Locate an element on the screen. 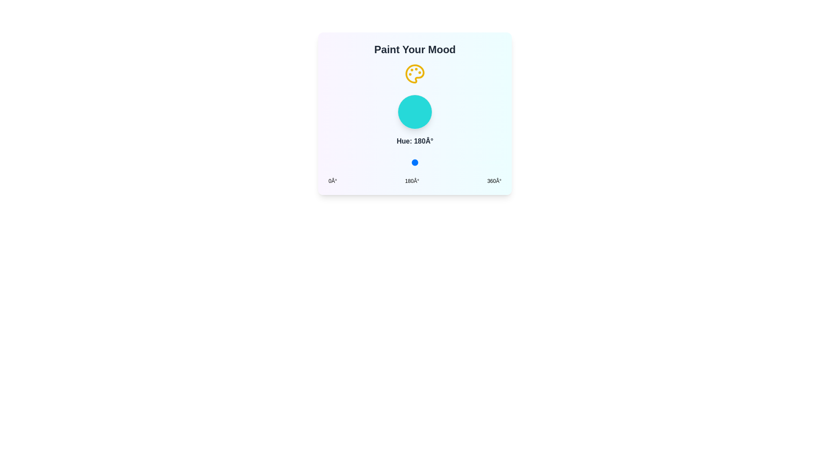  the palette icon to interact with it is located at coordinates (415, 73).